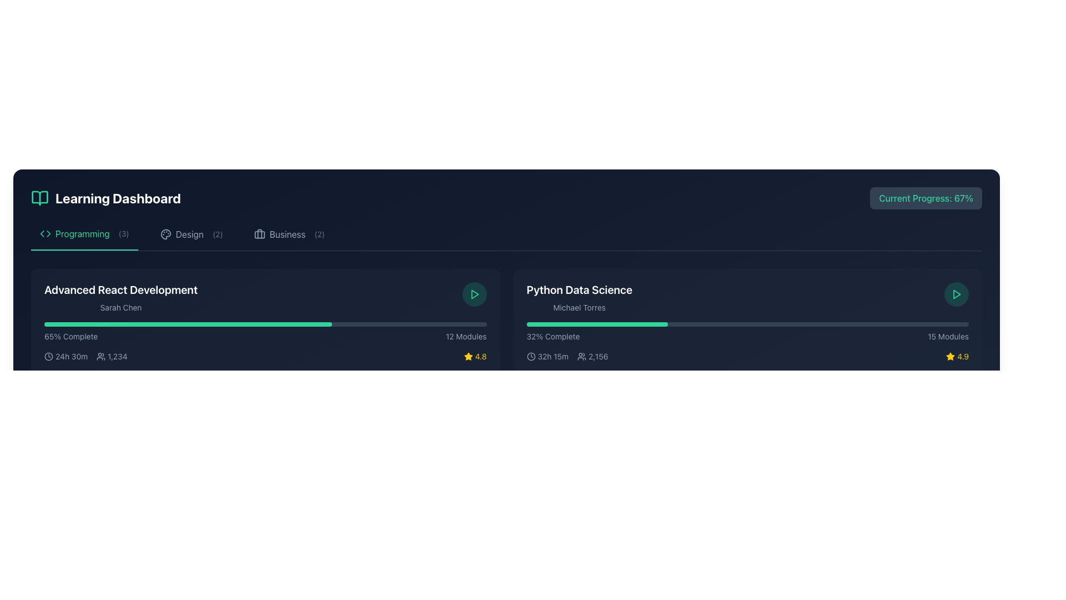 The height and width of the screenshot is (600, 1066). What do you see at coordinates (189, 233) in the screenshot?
I see `the text label displaying the word 'design' in capitalized muted gray color within the horizontal navigation bar` at bounding box center [189, 233].